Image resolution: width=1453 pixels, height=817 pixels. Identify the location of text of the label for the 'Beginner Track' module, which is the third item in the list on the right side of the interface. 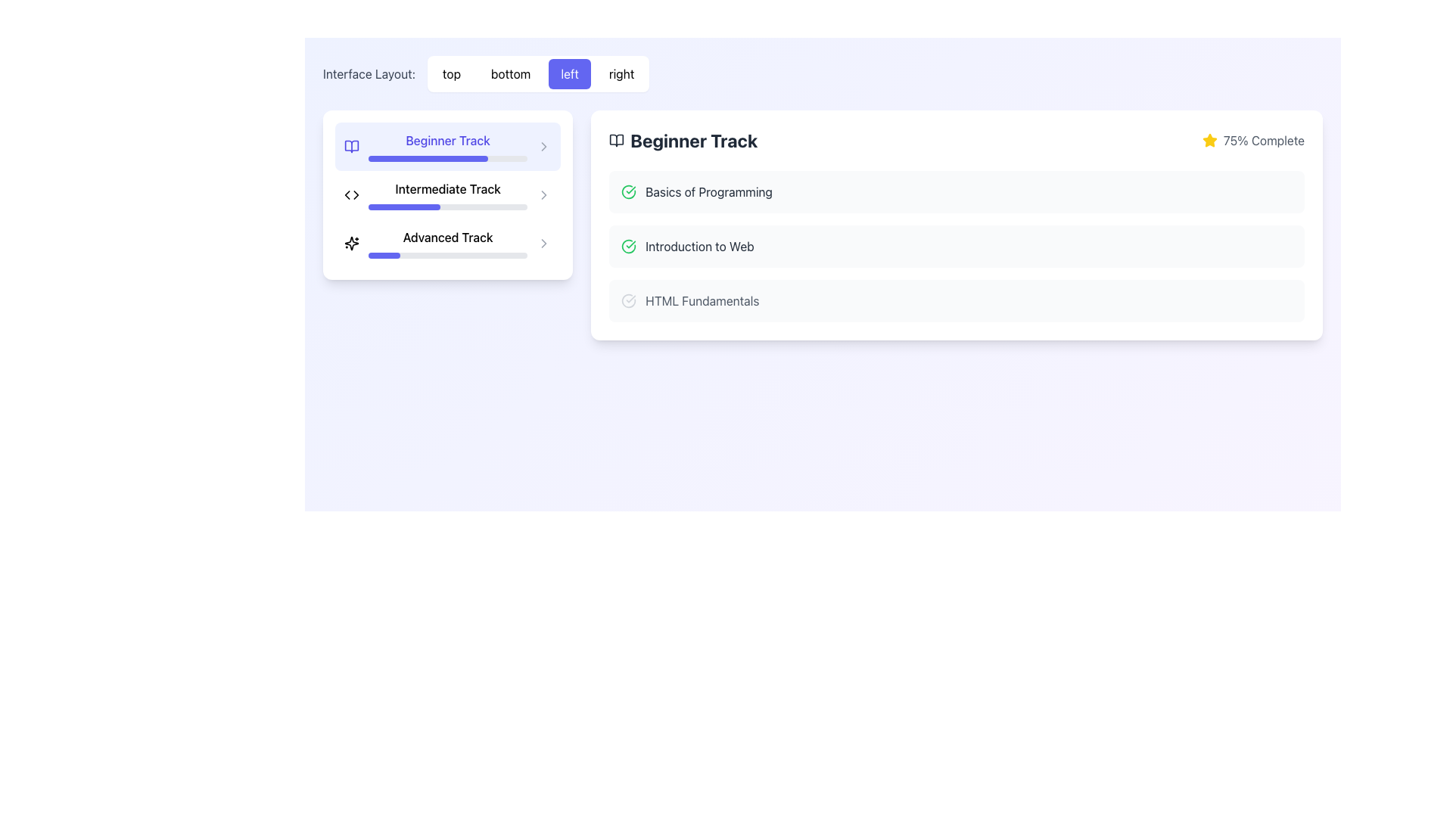
(702, 300).